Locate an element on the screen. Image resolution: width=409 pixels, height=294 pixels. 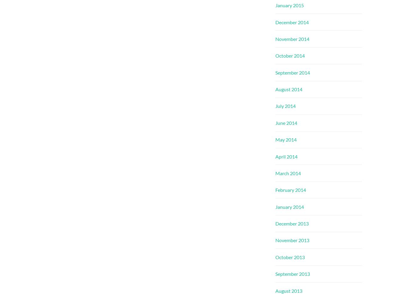
'February 2014' is located at coordinates (290, 190).